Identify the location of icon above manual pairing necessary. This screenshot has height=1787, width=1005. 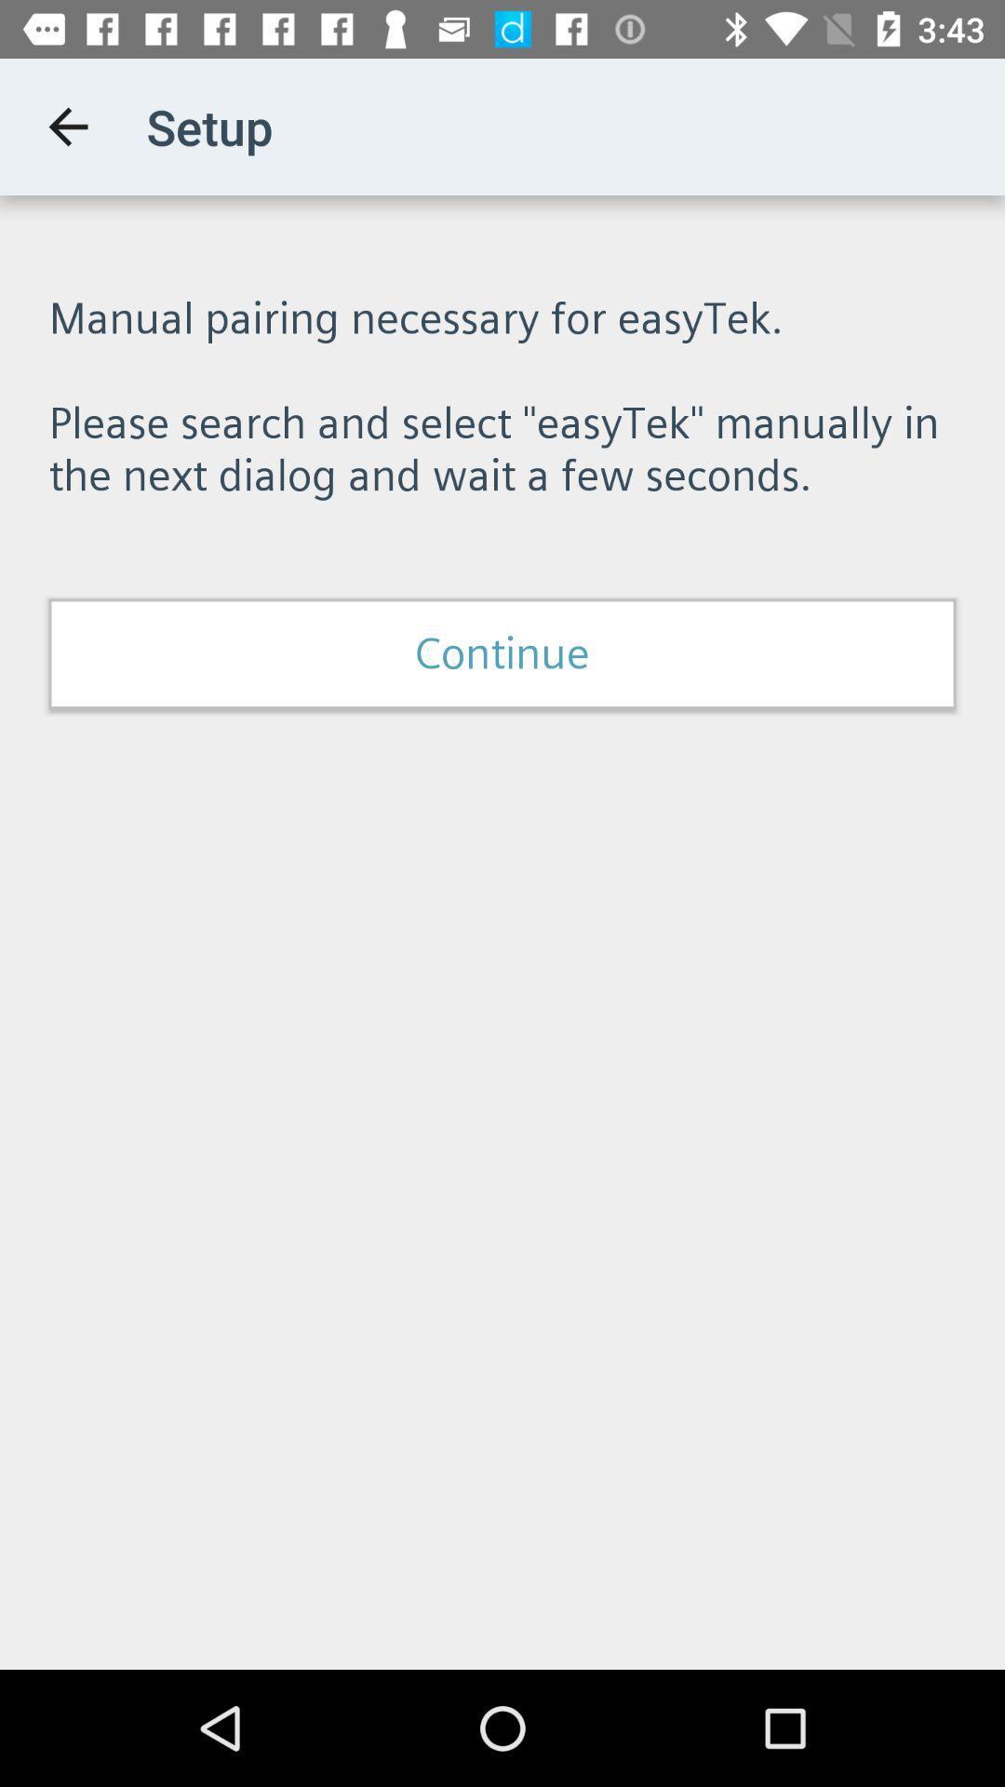
(67, 126).